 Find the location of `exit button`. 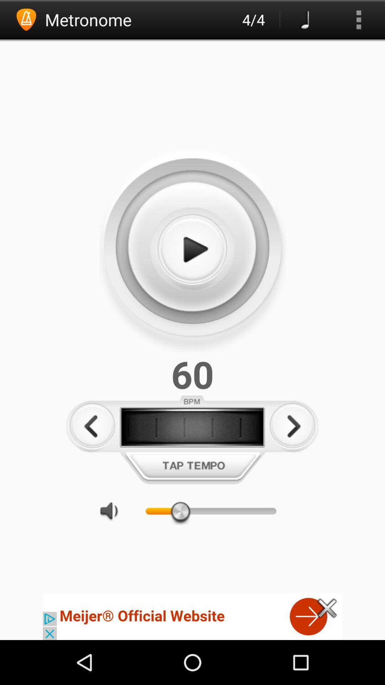

exit button is located at coordinates (327, 608).